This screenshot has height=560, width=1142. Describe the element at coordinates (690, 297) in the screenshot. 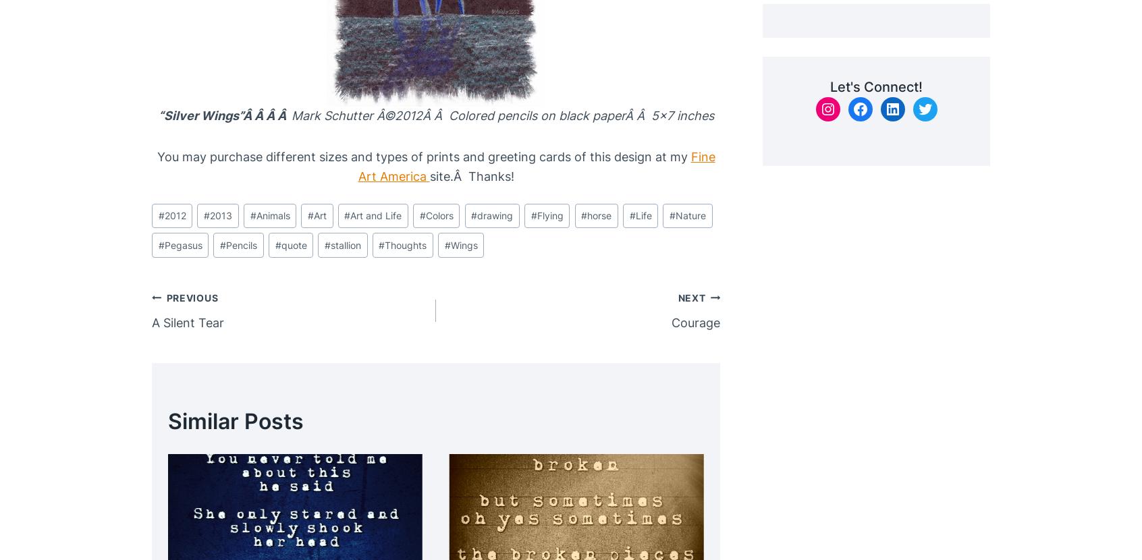

I see `'Next'` at that location.